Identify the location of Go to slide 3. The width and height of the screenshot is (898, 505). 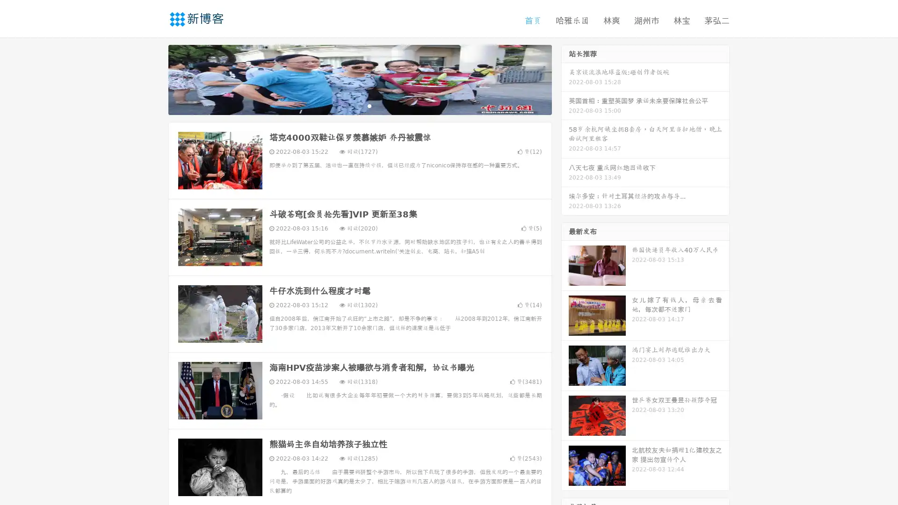
(369, 105).